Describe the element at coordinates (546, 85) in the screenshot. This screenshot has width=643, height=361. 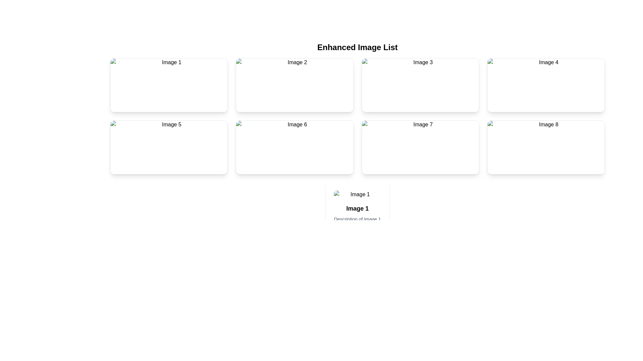
I see `the Interactive grid tile for 'Image 4'` at that location.